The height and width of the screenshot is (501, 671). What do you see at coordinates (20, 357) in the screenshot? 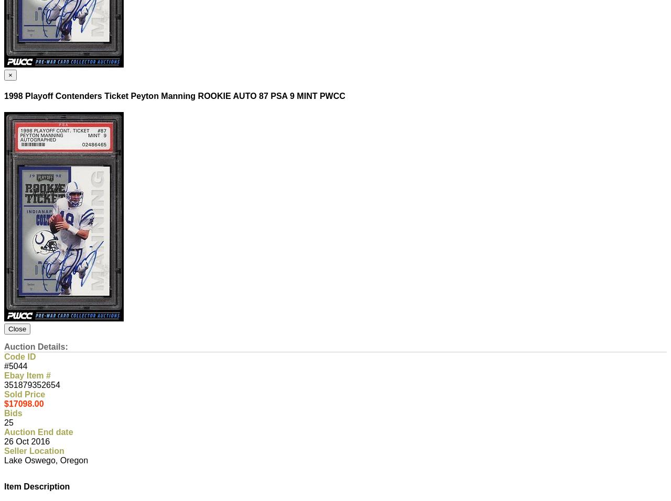
I see `'Code ID'` at bounding box center [20, 357].